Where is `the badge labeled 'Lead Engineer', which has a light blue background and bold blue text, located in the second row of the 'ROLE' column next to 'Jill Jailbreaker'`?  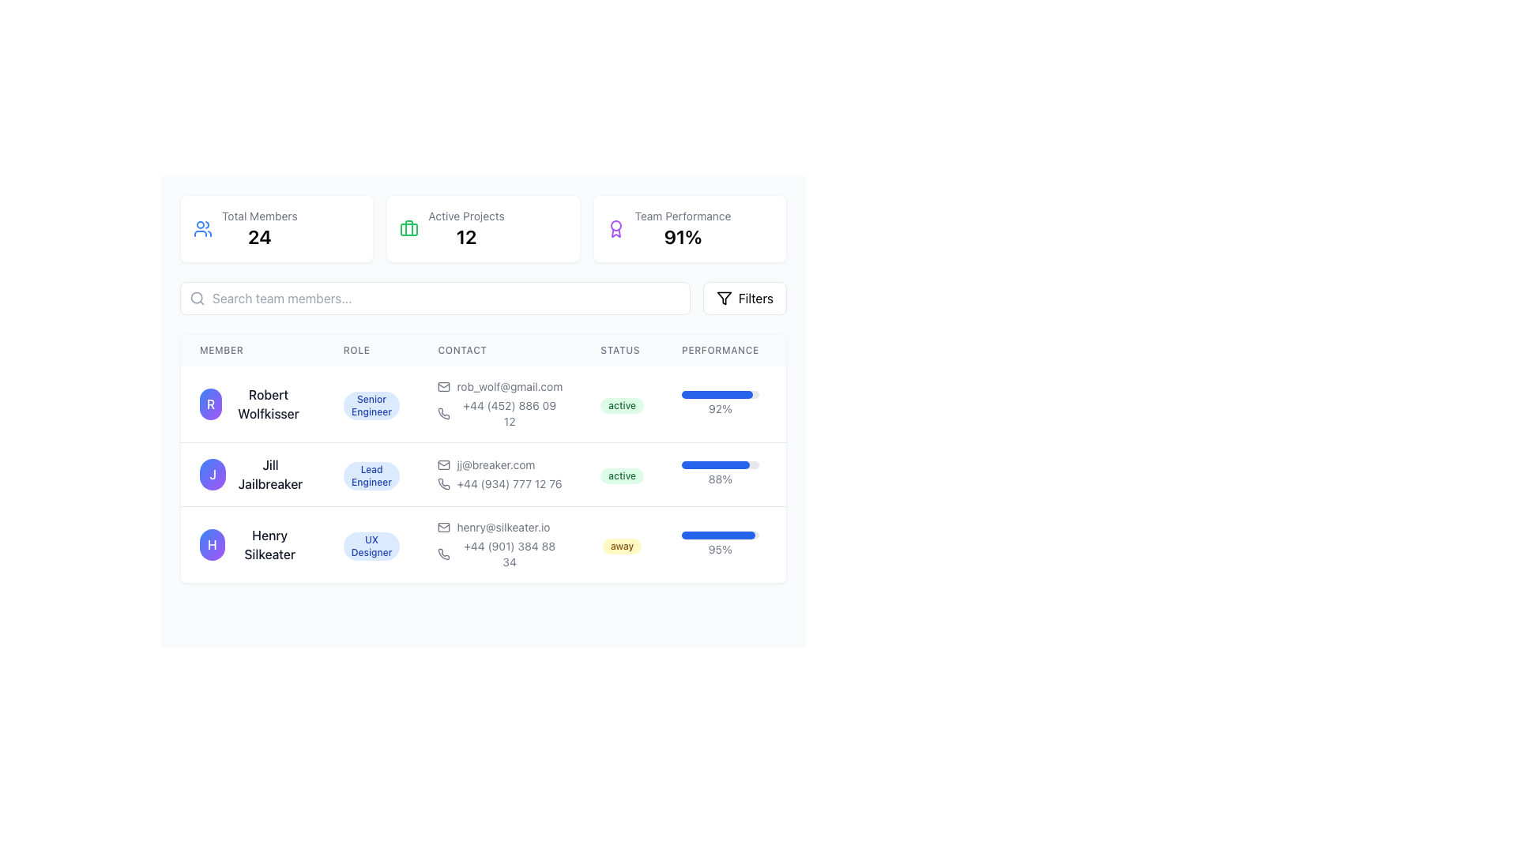
the badge labeled 'Lead Engineer', which has a light blue background and bold blue text, located in the second row of the 'ROLE' column next to 'Jill Jailbreaker' is located at coordinates (371, 475).